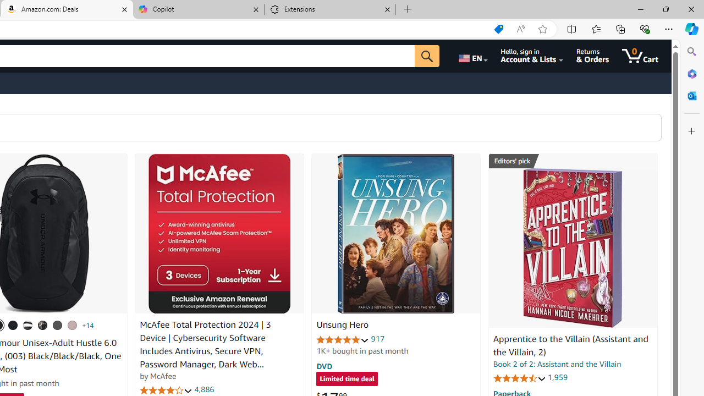 This screenshot has width=704, height=396. I want to click on 'Restore', so click(665, 9).